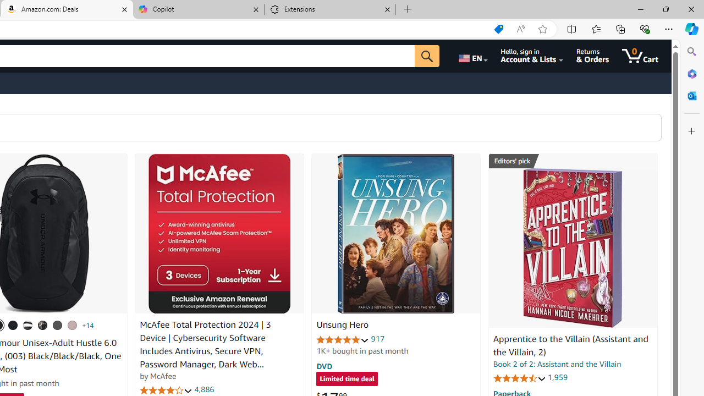 This screenshot has width=704, height=396. I want to click on 'Restore', so click(665, 9).